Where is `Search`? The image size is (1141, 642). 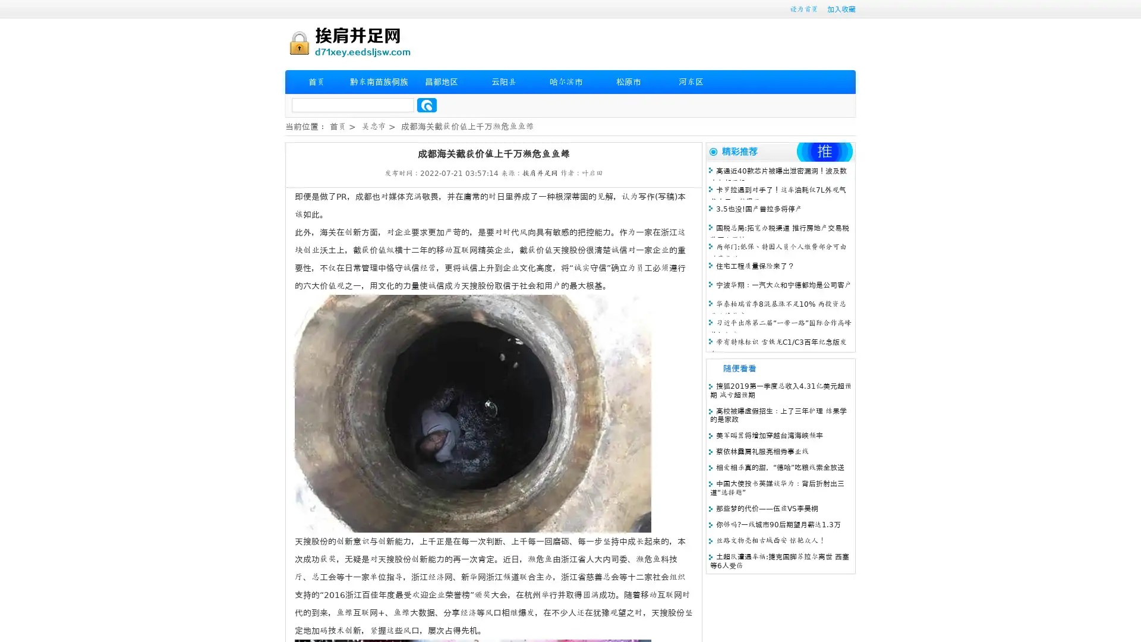
Search is located at coordinates (427, 105).